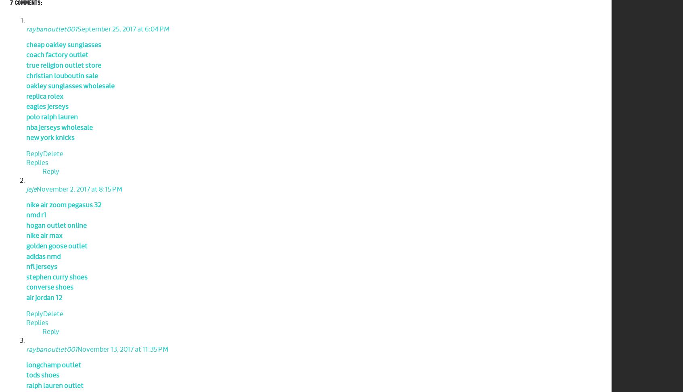 The image size is (683, 392). Describe the element at coordinates (44, 236) in the screenshot. I see `'nike air max'` at that location.